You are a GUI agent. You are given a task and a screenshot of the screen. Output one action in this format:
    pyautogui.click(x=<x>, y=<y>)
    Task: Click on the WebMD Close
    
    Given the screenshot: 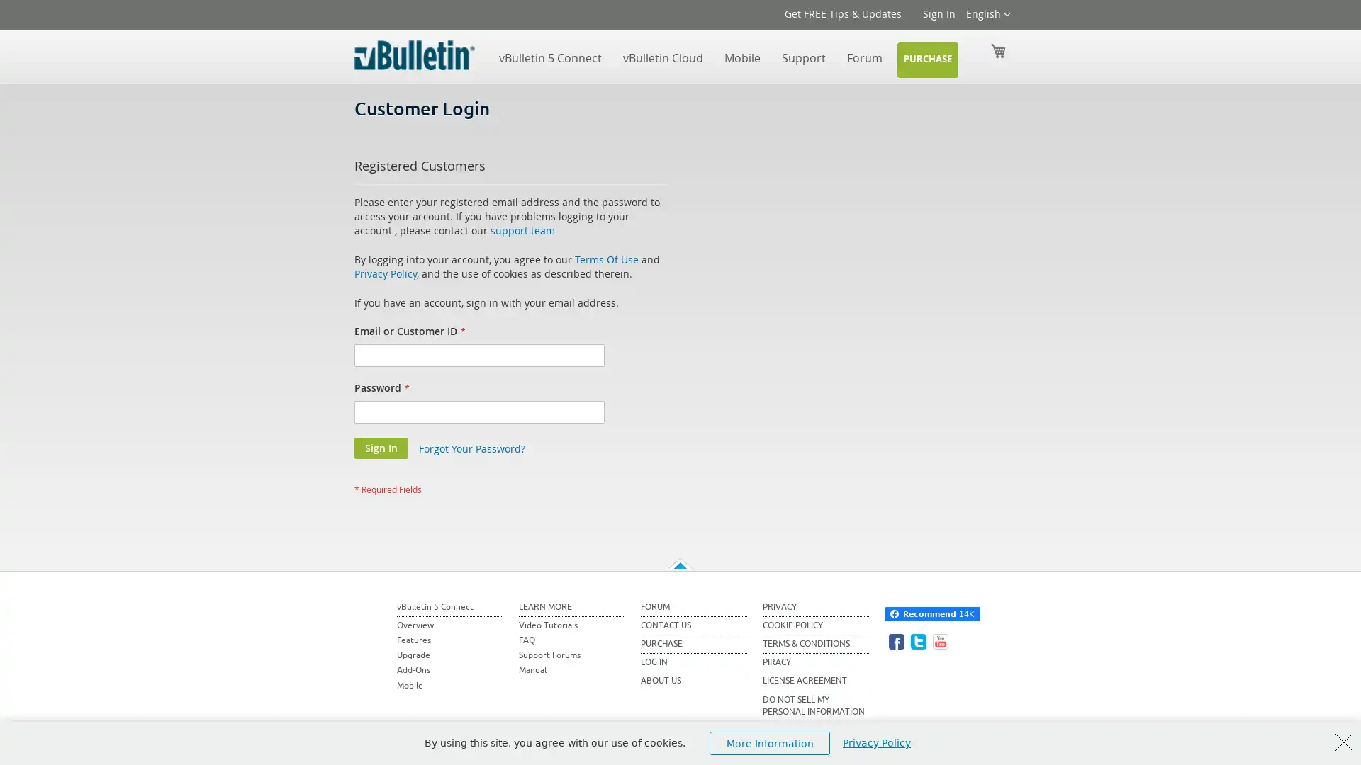 What is the action you would take?
    pyautogui.click(x=1343, y=742)
    